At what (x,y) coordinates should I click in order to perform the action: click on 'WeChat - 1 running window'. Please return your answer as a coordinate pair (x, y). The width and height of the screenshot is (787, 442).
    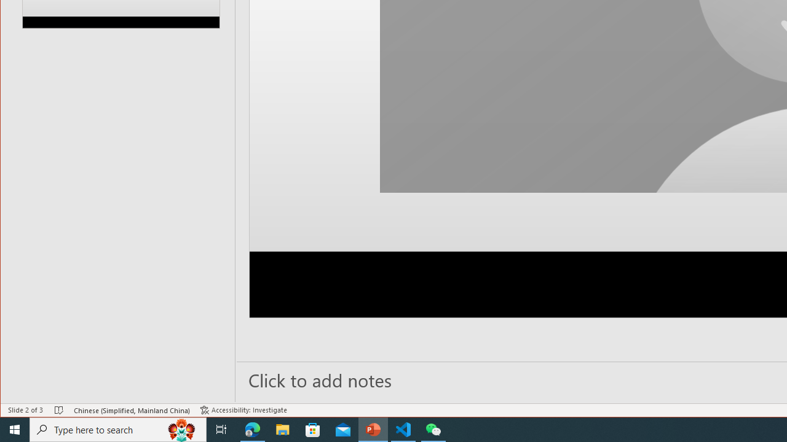
    Looking at the image, I should click on (433, 428).